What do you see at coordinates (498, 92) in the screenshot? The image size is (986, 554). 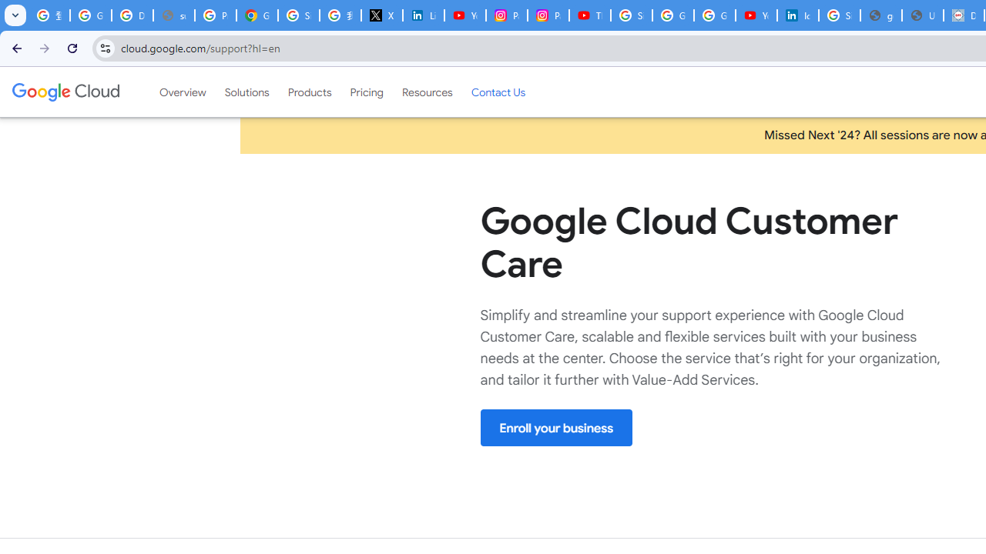 I see `'Contact Us'` at bounding box center [498, 92].